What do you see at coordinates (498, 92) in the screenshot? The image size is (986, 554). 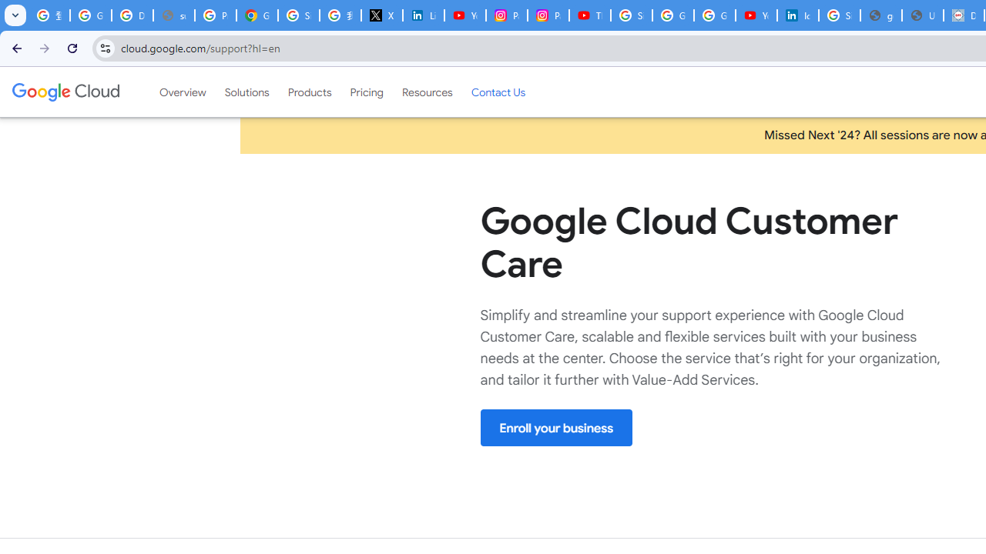 I see `'Contact Us'` at bounding box center [498, 92].